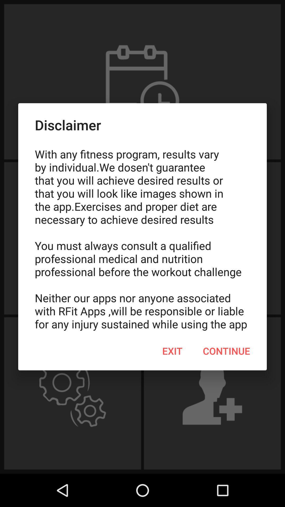  What do you see at coordinates (172, 351) in the screenshot?
I see `icon to the left of the continue icon` at bounding box center [172, 351].